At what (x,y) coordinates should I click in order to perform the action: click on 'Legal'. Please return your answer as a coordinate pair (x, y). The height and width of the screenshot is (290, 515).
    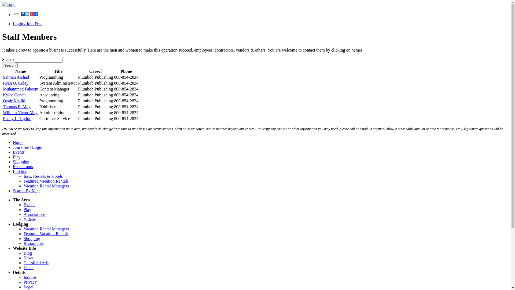
    Looking at the image, I should click on (28, 287).